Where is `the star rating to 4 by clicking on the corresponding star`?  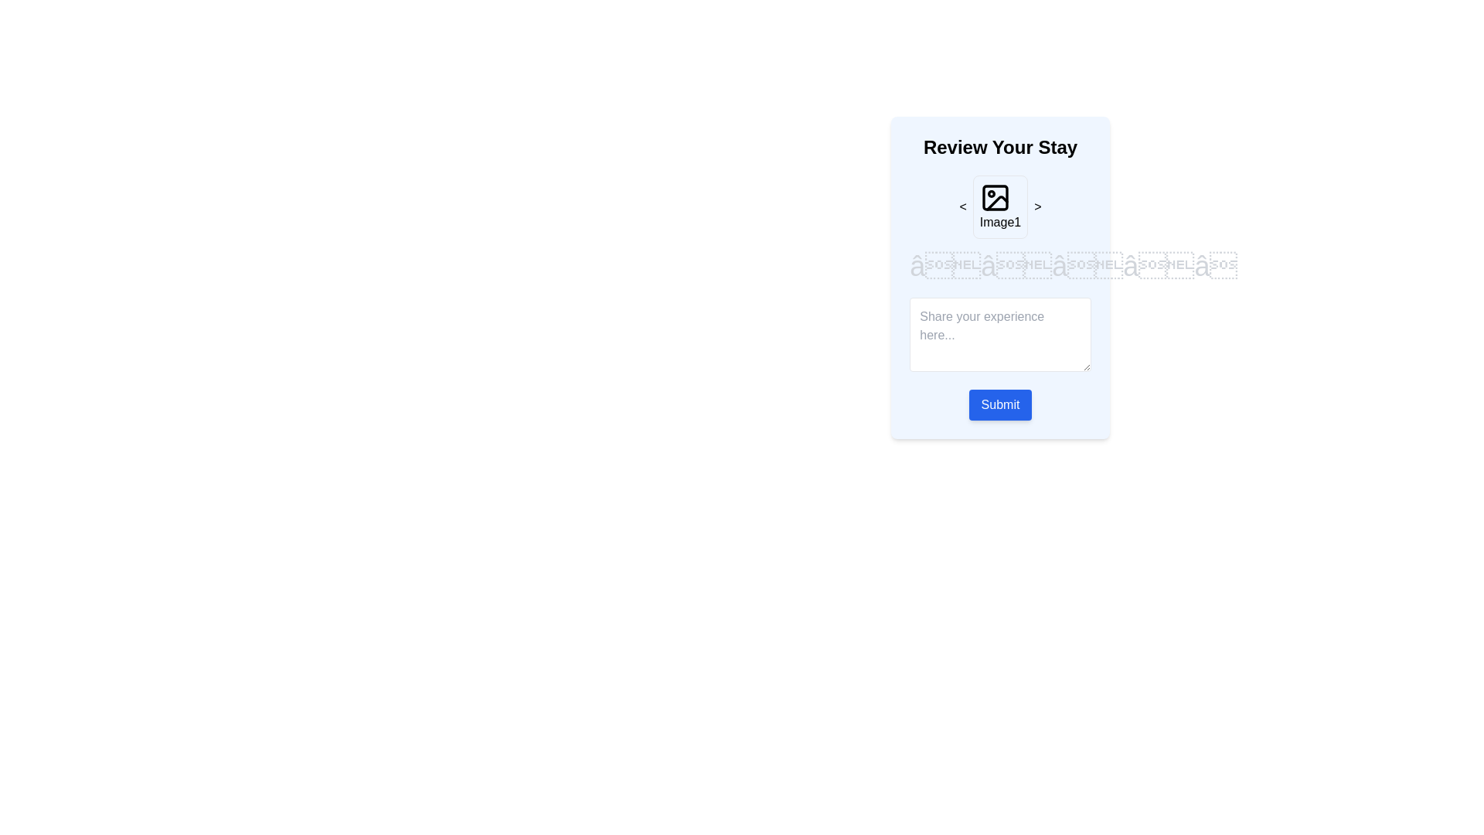 the star rating to 4 by clicking on the corresponding star is located at coordinates (1159, 265).